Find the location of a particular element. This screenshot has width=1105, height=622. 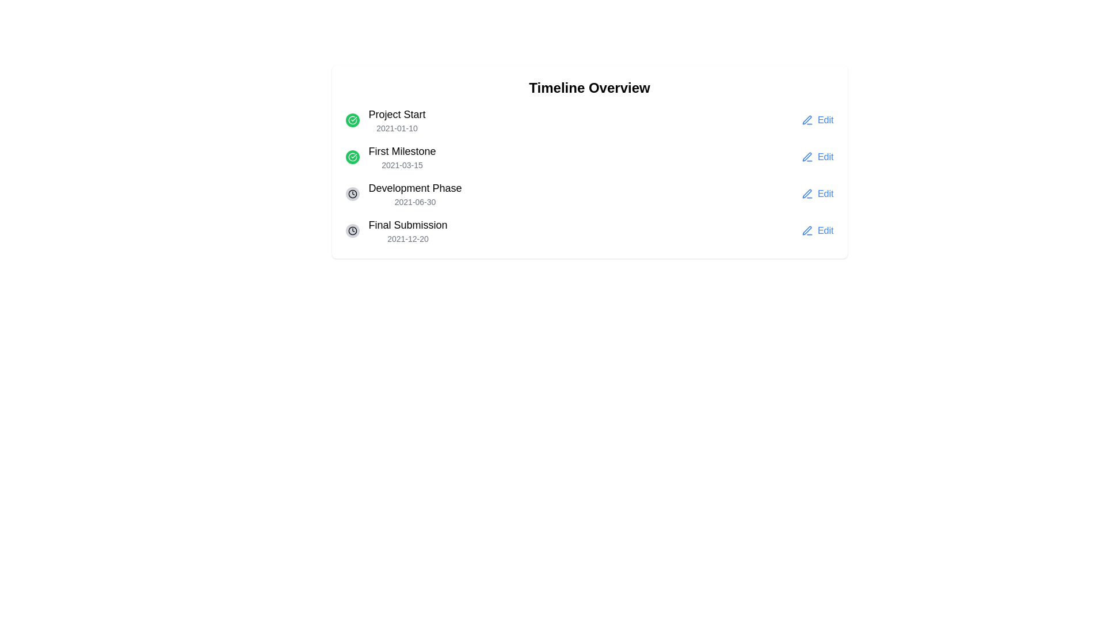

the third milestone text label indicating the name and date of a specific milestone within the Timeline Overview section, located below 'First Milestone' and above 'Final Submission' is located at coordinates (414, 193).